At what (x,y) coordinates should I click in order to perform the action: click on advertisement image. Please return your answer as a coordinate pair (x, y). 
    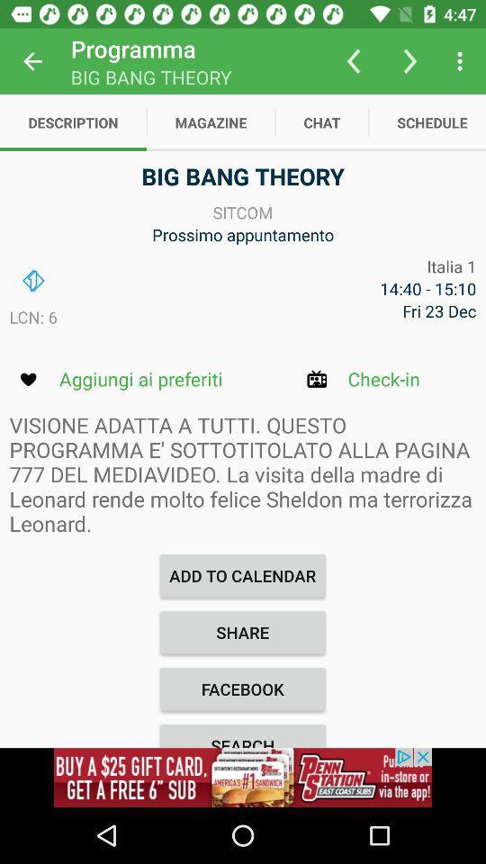
    Looking at the image, I should click on (243, 777).